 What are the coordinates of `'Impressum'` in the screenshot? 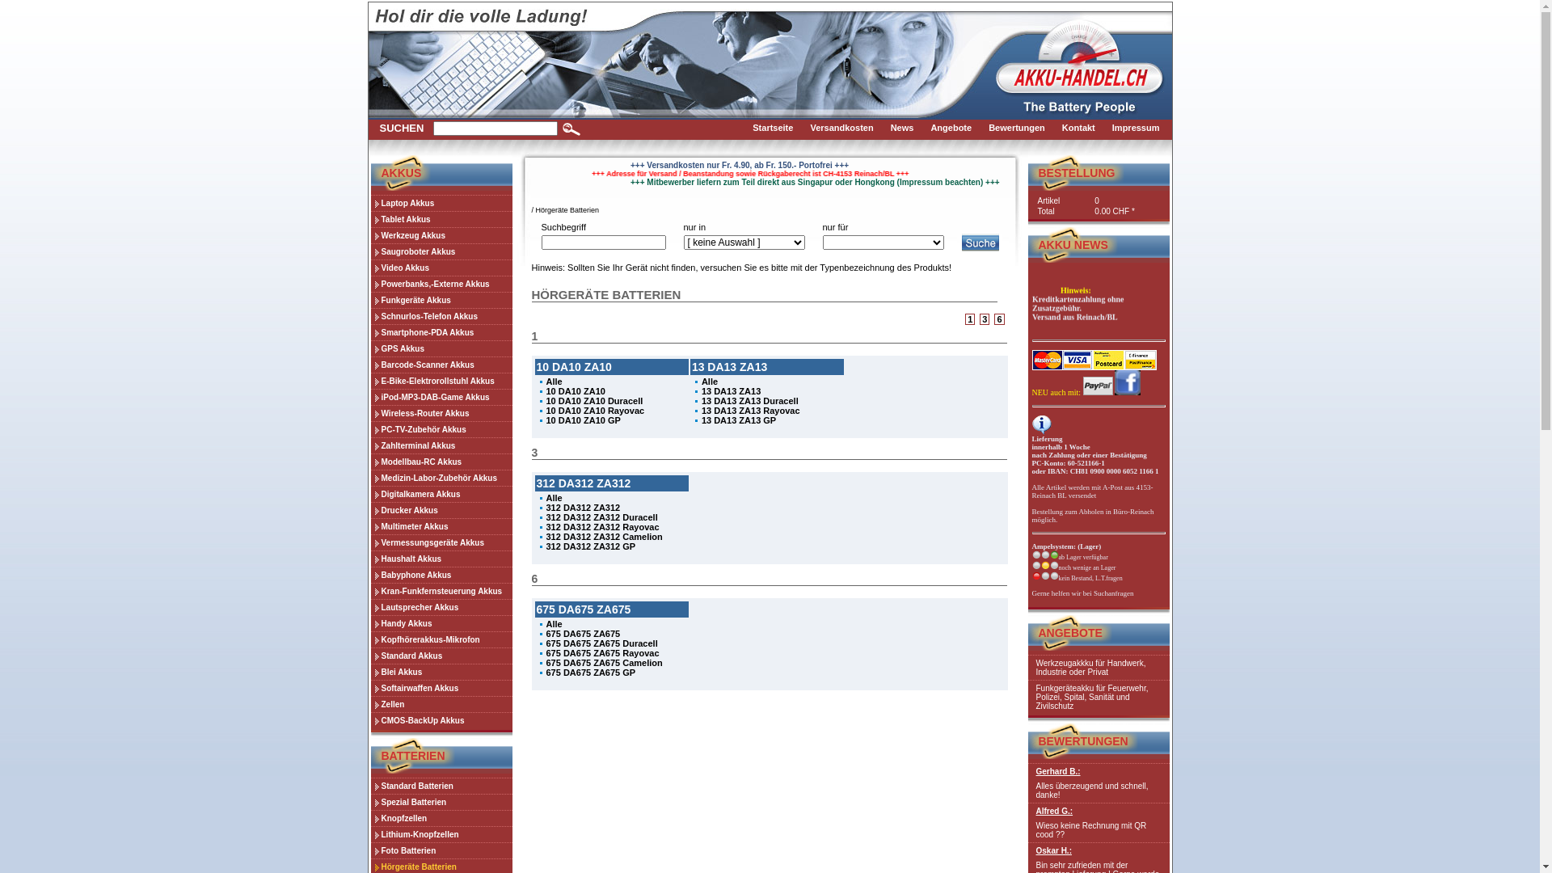 It's located at (1140, 128).